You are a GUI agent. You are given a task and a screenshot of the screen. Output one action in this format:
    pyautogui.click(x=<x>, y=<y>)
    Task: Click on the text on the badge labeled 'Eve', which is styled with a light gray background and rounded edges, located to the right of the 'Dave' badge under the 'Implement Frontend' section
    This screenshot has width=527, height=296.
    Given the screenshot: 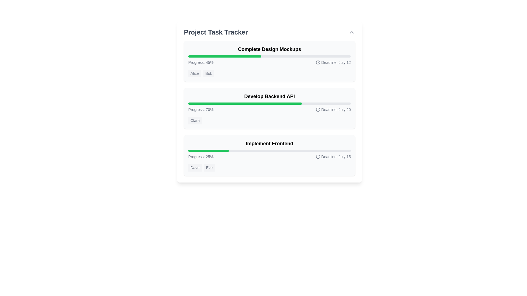 What is the action you would take?
    pyautogui.click(x=209, y=167)
    